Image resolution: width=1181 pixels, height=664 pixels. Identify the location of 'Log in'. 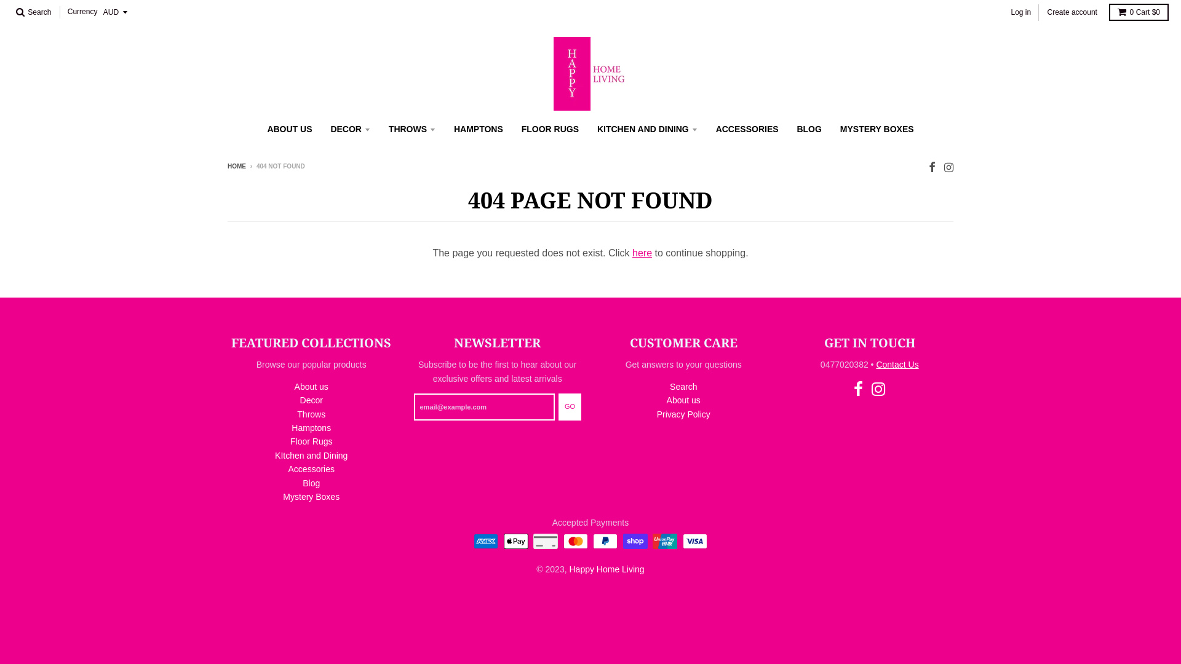
(1020, 12).